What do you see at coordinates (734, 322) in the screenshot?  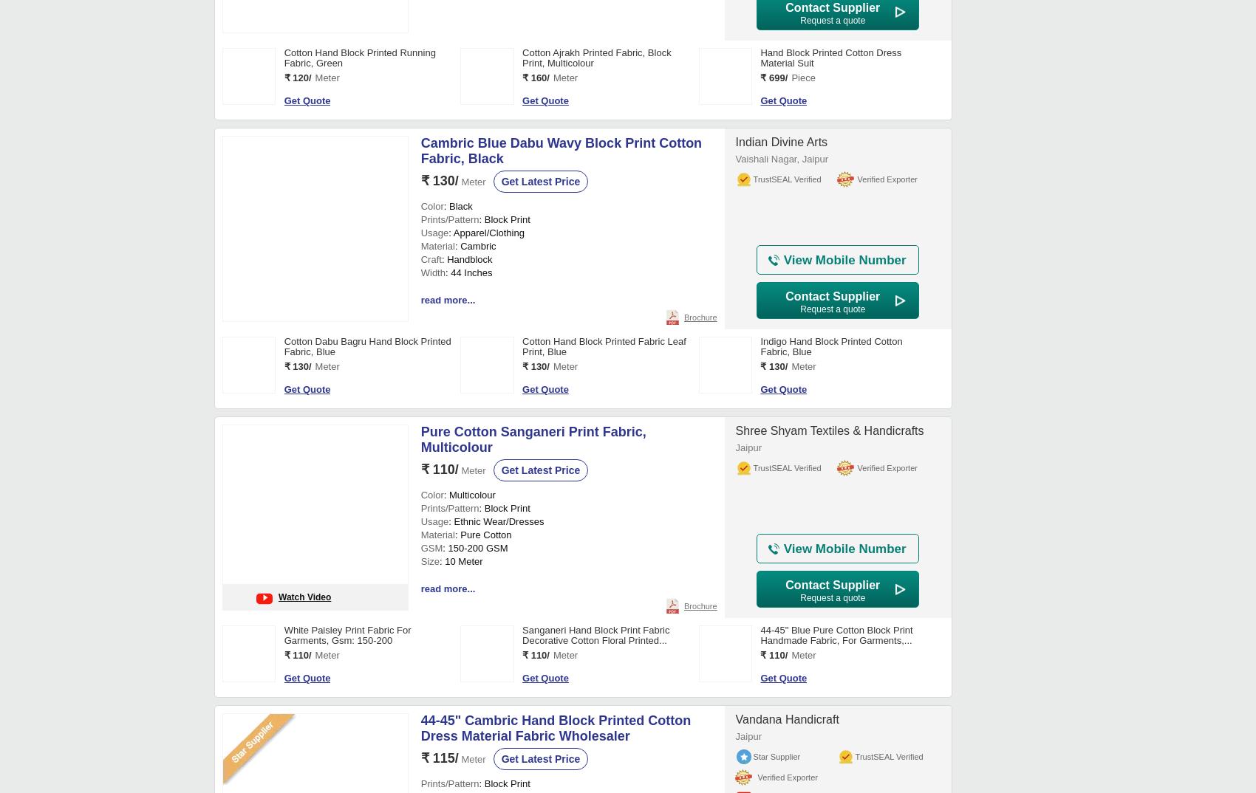 I see `'Bagru, Dist. Jaipur'` at bounding box center [734, 322].